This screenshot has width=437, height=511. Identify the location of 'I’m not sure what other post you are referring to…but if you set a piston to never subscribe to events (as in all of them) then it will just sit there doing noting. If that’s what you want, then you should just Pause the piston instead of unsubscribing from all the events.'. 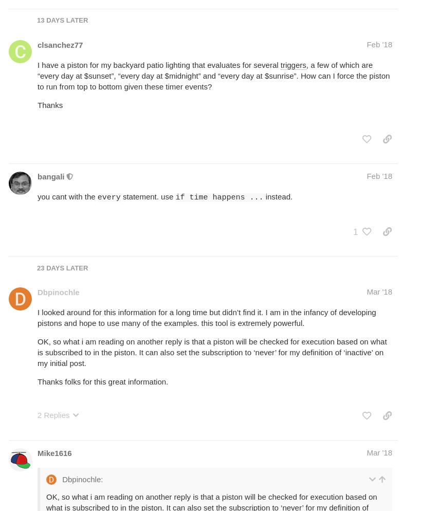
(214, 193).